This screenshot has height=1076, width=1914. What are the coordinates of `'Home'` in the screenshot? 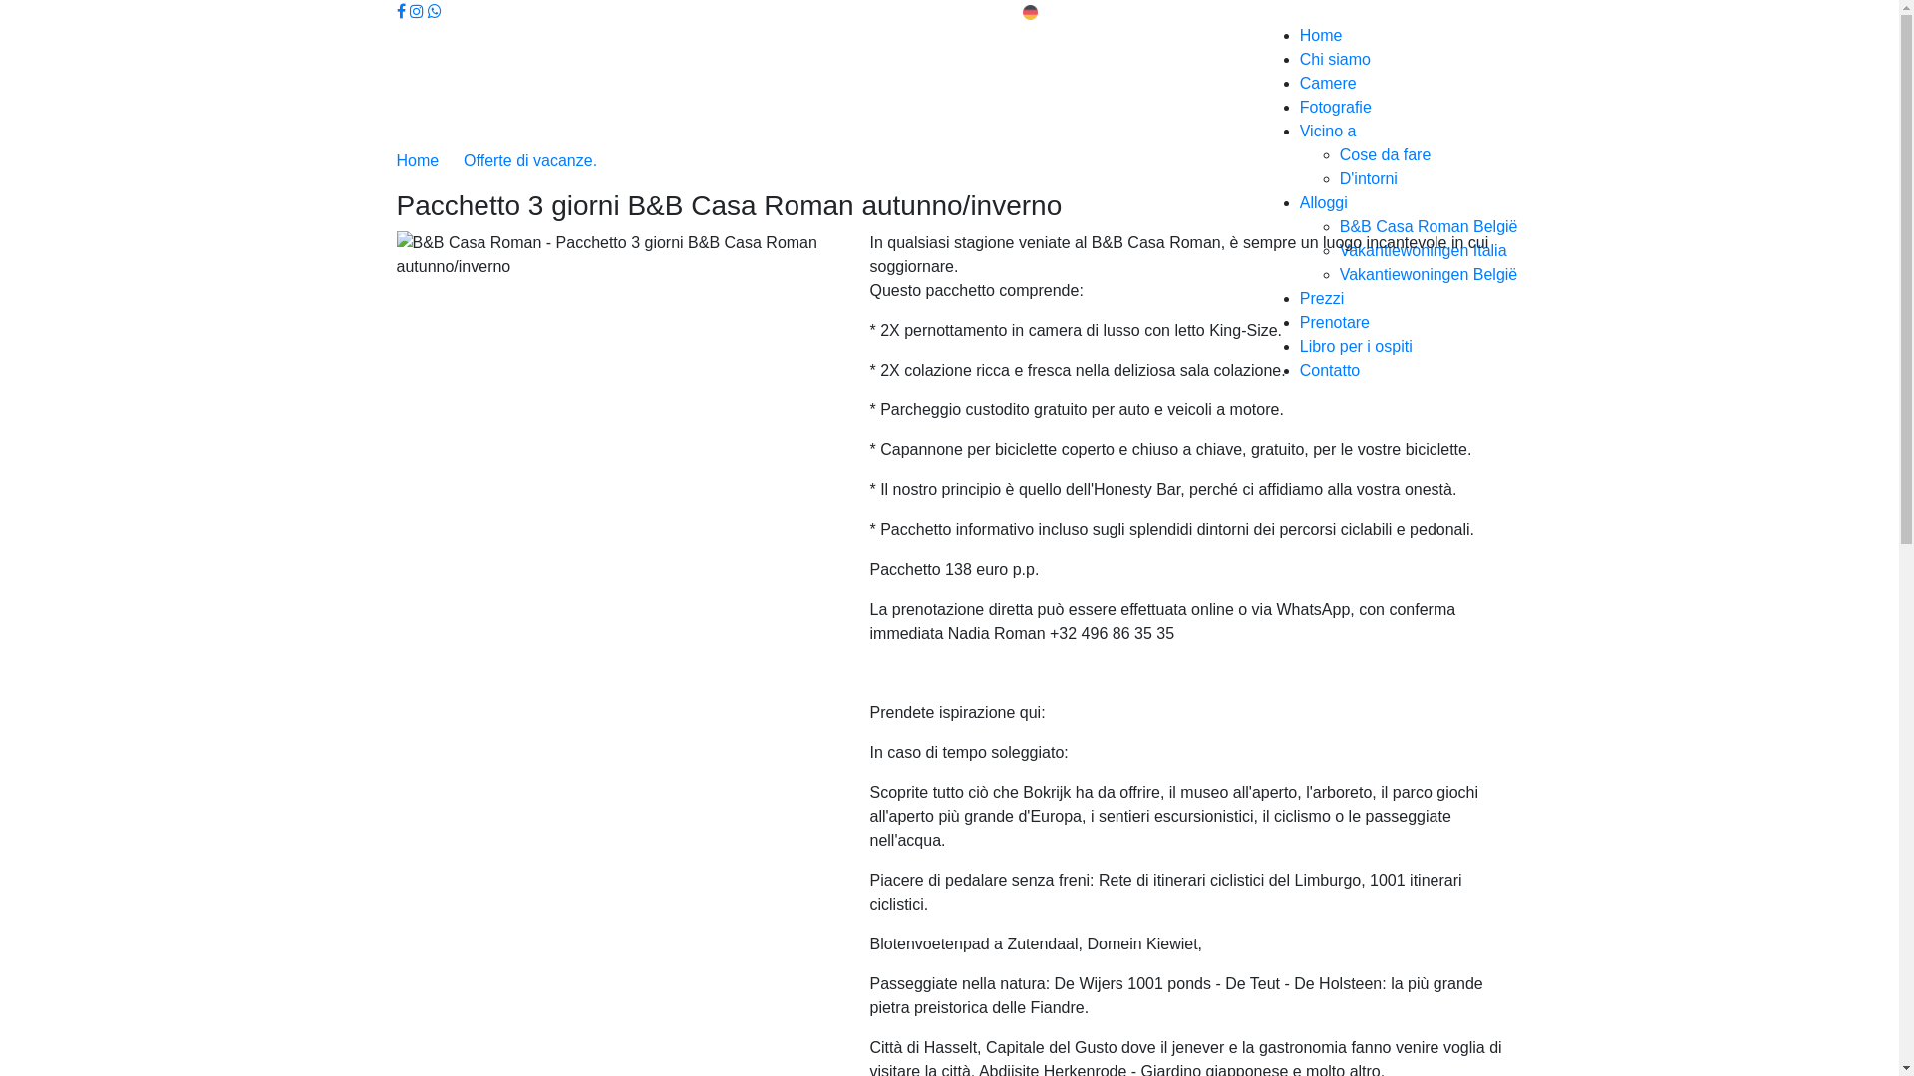 It's located at (1321, 35).